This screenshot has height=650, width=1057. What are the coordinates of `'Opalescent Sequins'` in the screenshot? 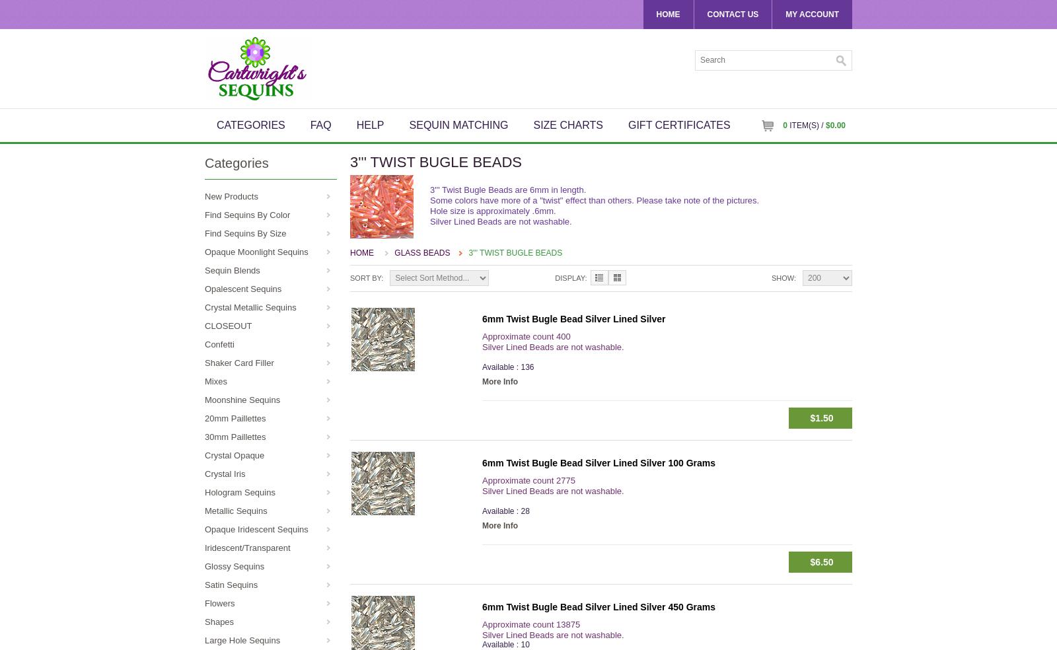 It's located at (205, 289).